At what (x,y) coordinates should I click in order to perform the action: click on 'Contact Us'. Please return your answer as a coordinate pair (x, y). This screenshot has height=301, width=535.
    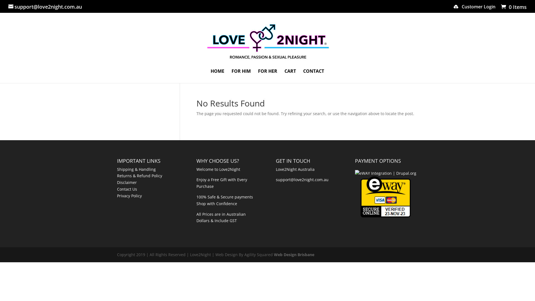
    Looking at the image, I should click on (127, 189).